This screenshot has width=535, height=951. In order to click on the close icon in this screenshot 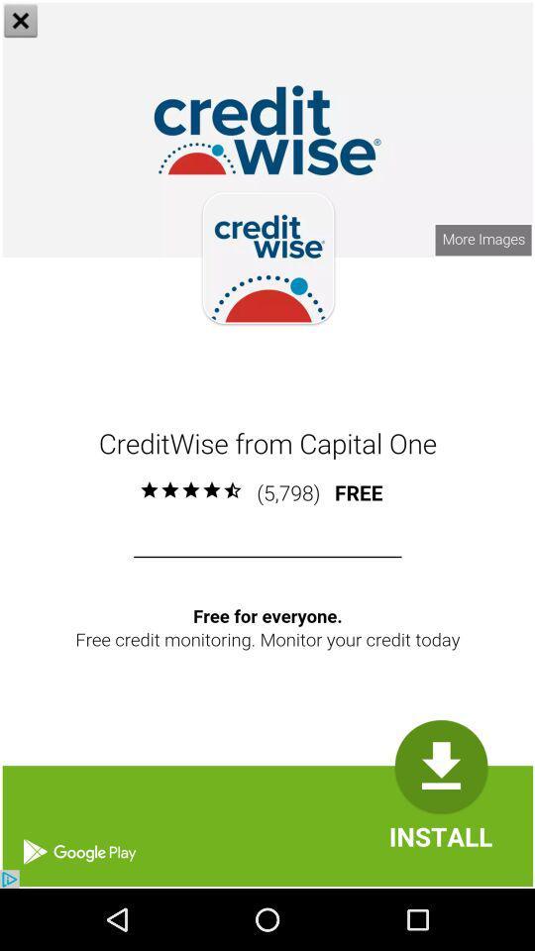, I will do `click(20, 21)`.